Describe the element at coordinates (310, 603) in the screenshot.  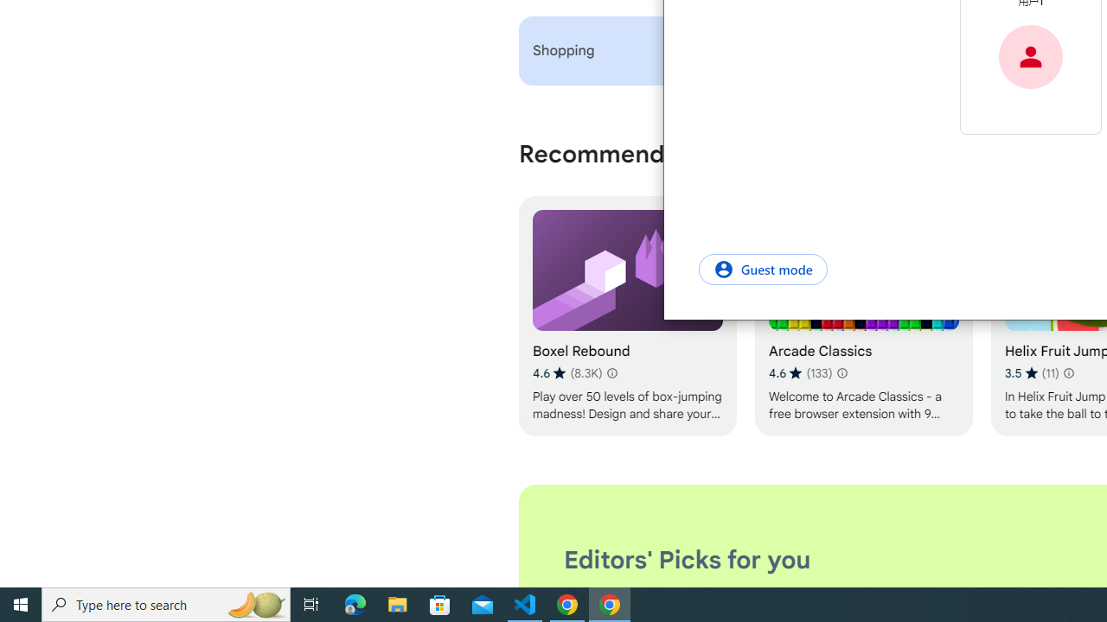
I see `'Task View'` at that location.